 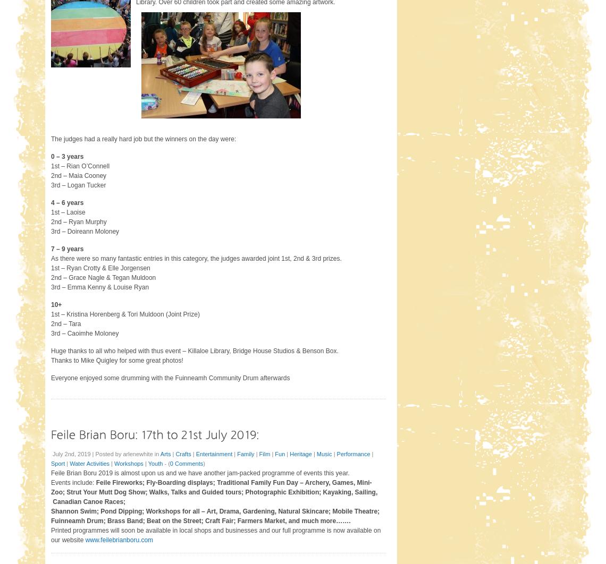 What do you see at coordinates (170, 378) in the screenshot?
I see `'Everyone enjoyed some drumming with the Fuinneamh Community Drum afterwards'` at bounding box center [170, 378].